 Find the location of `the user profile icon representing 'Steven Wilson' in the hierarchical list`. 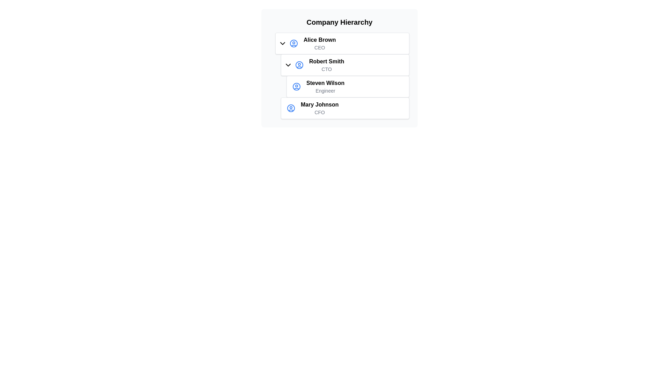

the user profile icon representing 'Steven Wilson' in the hierarchical list is located at coordinates (296, 86).